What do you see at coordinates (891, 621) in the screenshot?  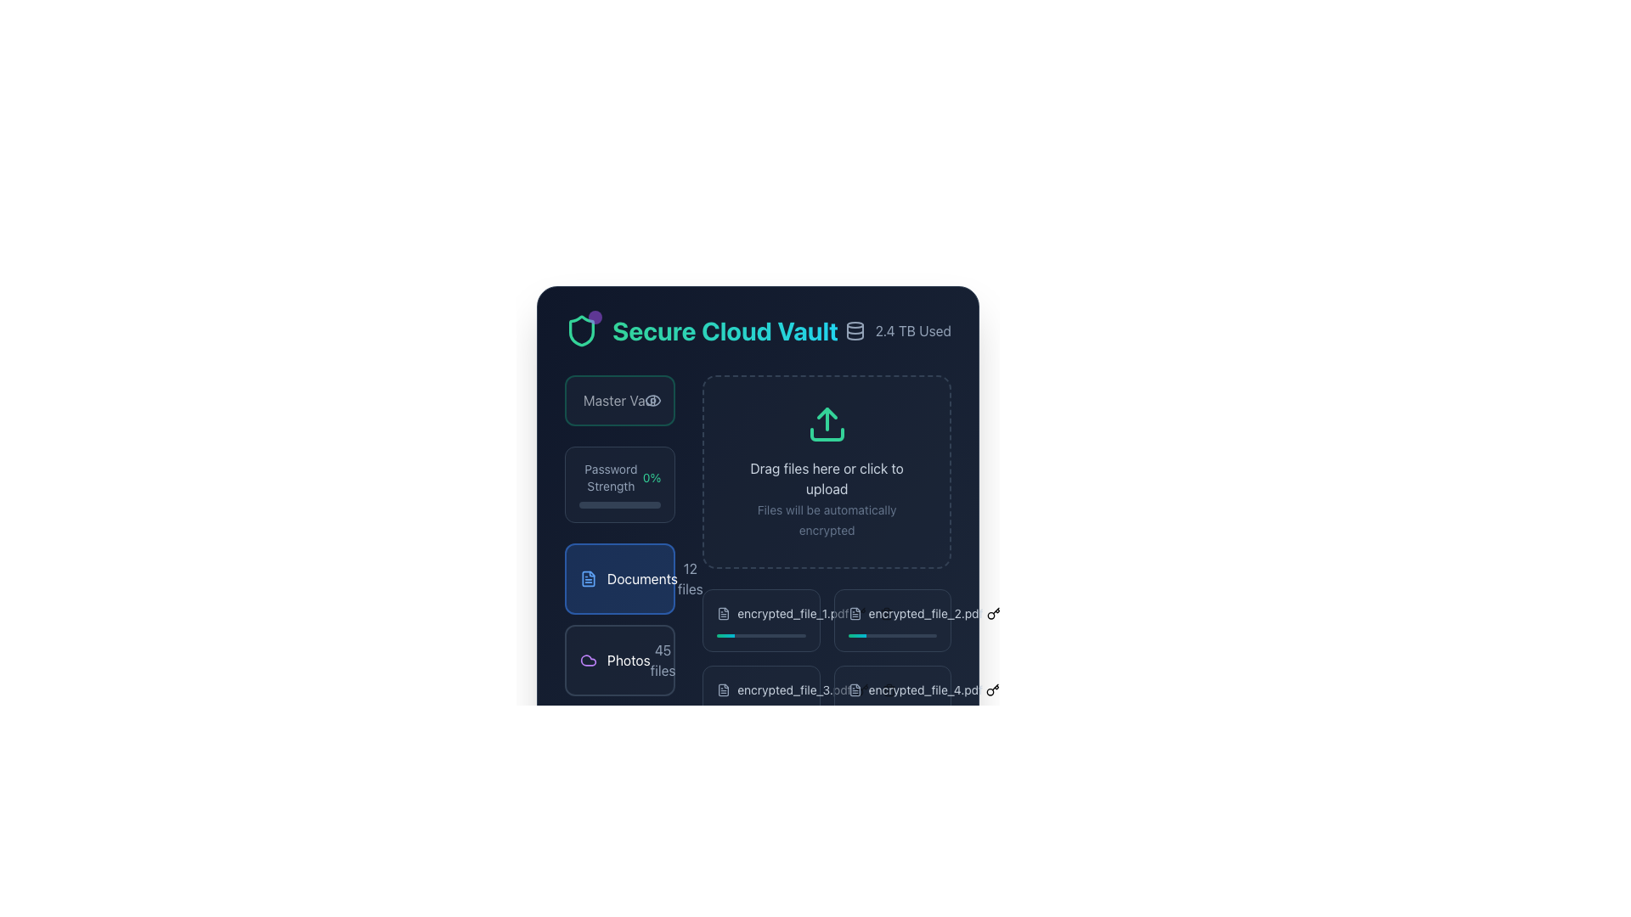 I see `the progress bar of the second file display card in the cloud storage interface to check the upload status` at bounding box center [891, 621].